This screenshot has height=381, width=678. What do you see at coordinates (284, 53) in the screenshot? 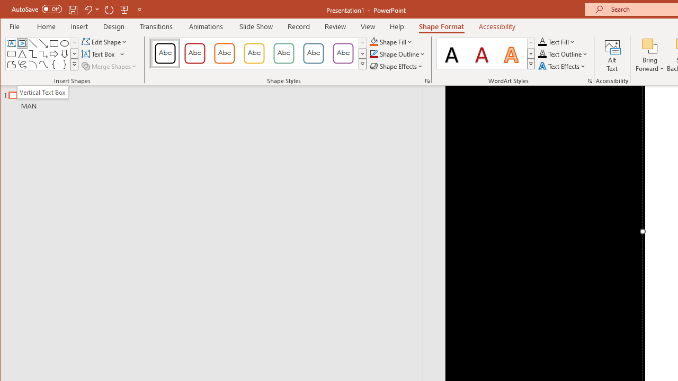
I see `'Colored Outline - Green, Accent 4'` at bounding box center [284, 53].